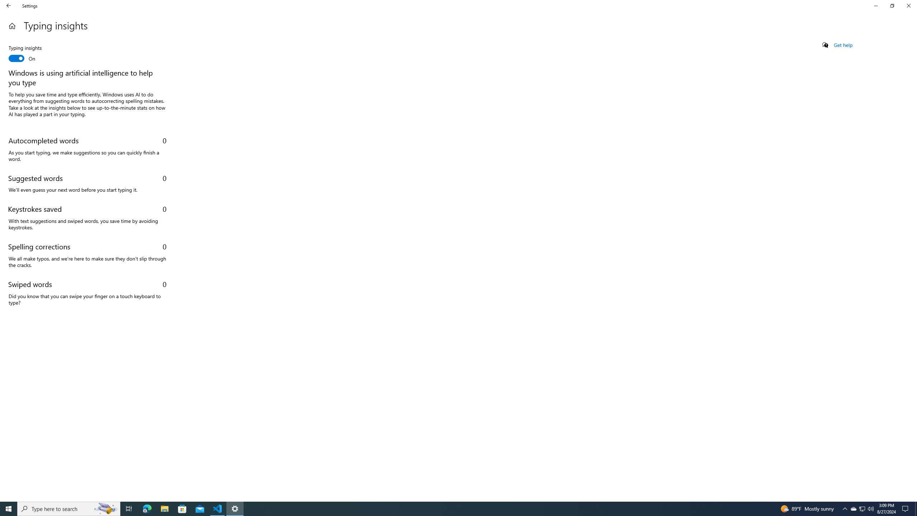  I want to click on 'Restore Settings', so click(892, 5).